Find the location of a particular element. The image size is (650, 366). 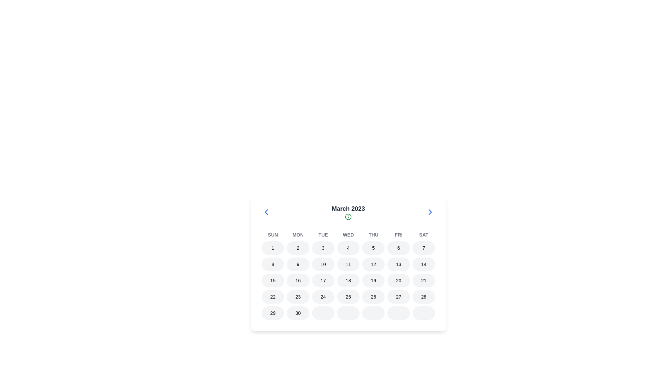

a date in the Calendar Grid for March 2023 is located at coordinates (348, 276).